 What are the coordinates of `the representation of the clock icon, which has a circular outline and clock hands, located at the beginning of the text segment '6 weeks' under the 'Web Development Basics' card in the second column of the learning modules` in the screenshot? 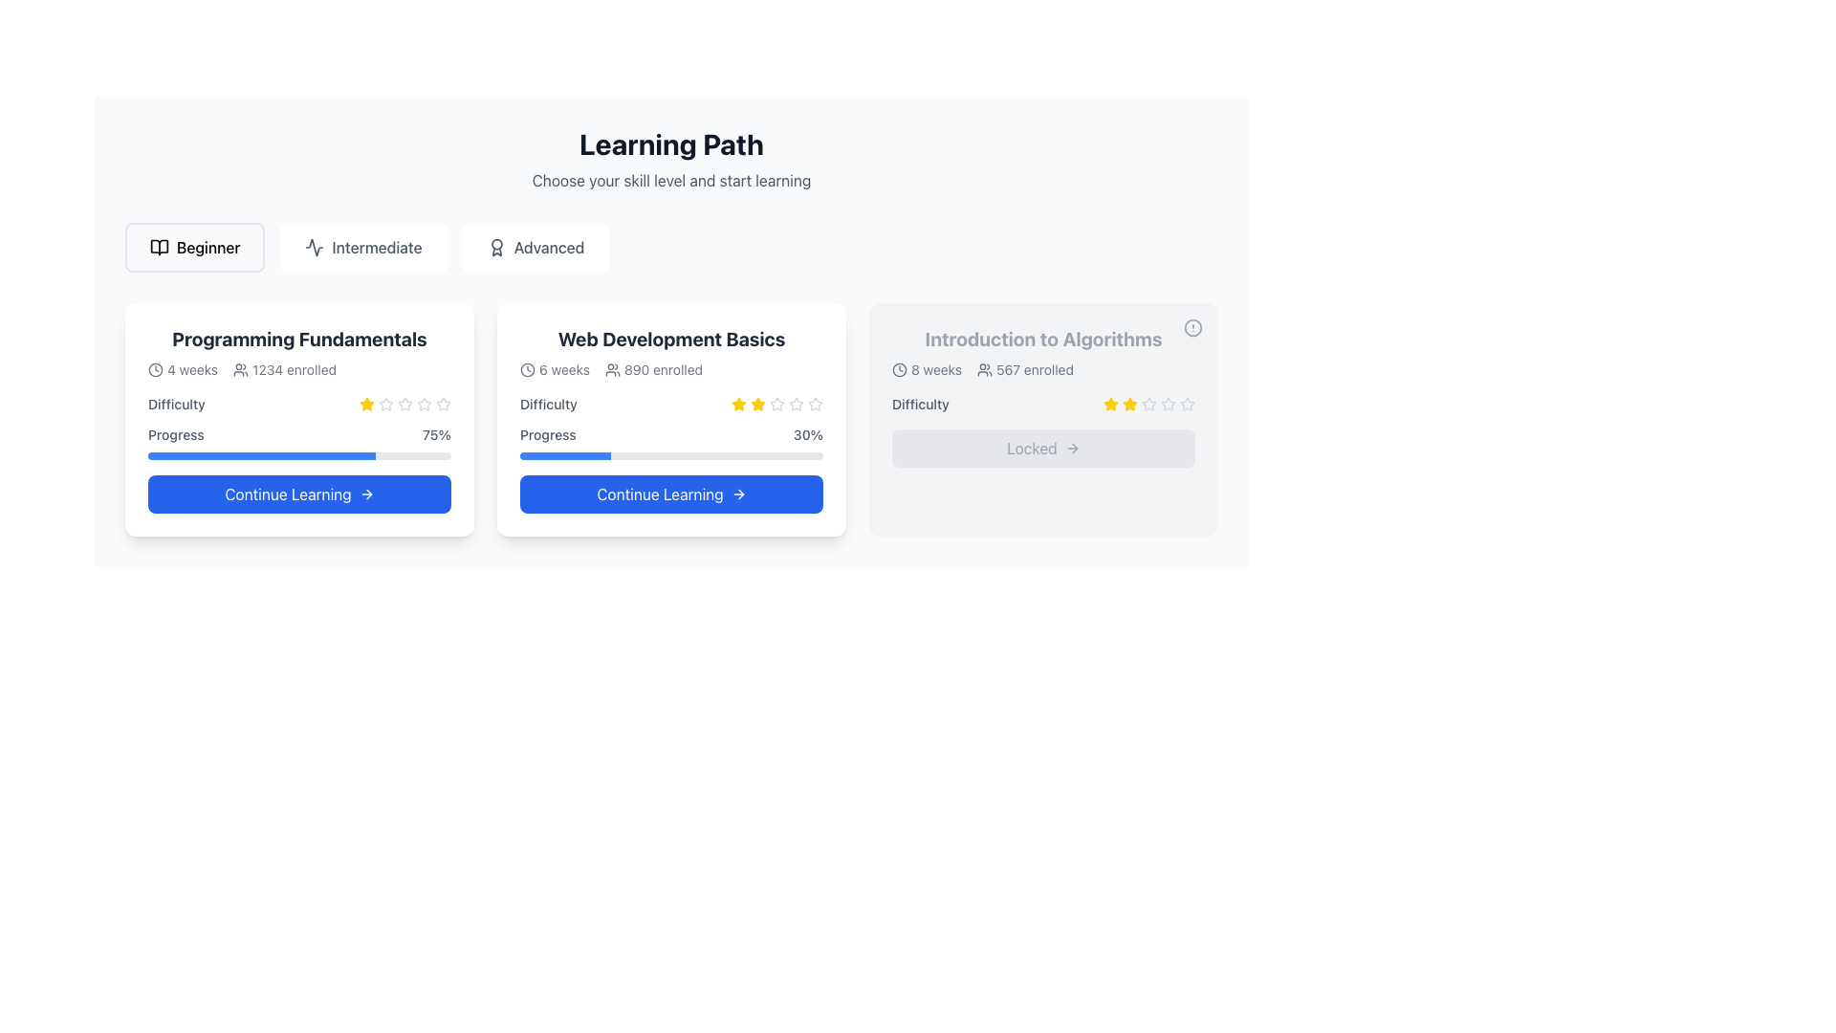 It's located at (528, 369).